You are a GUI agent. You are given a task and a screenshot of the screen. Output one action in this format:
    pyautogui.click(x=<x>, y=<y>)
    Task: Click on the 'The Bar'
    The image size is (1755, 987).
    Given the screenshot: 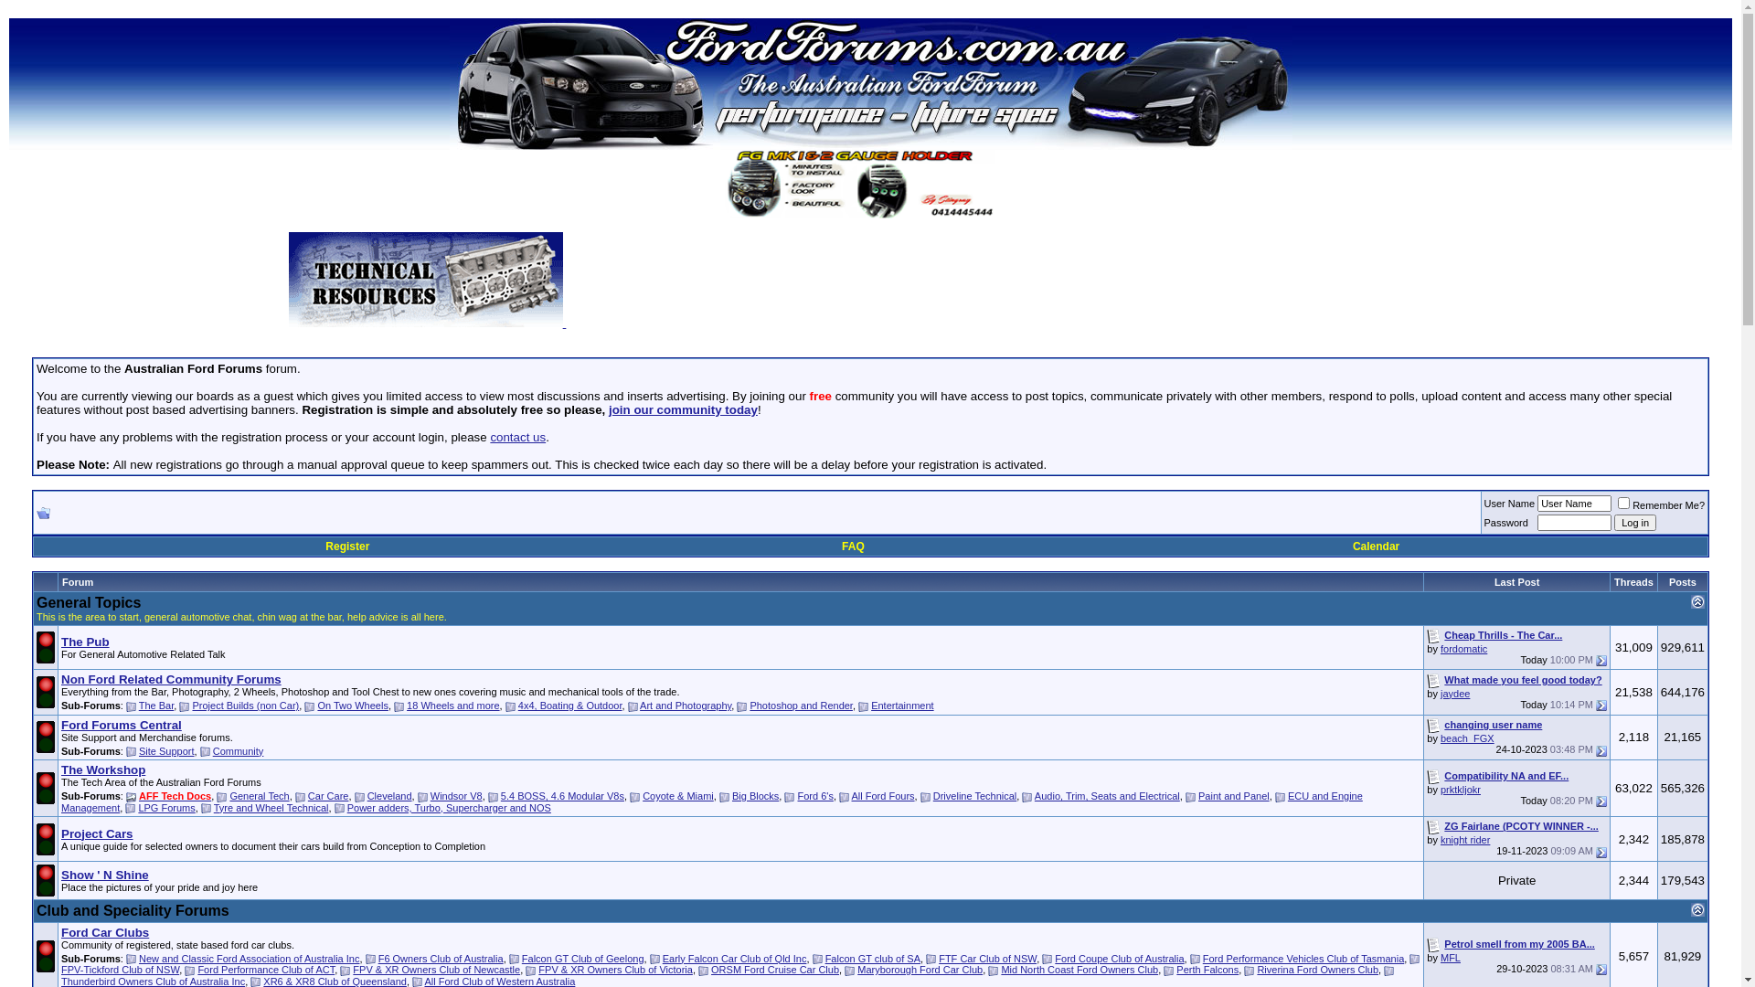 What is the action you would take?
    pyautogui.click(x=138, y=704)
    